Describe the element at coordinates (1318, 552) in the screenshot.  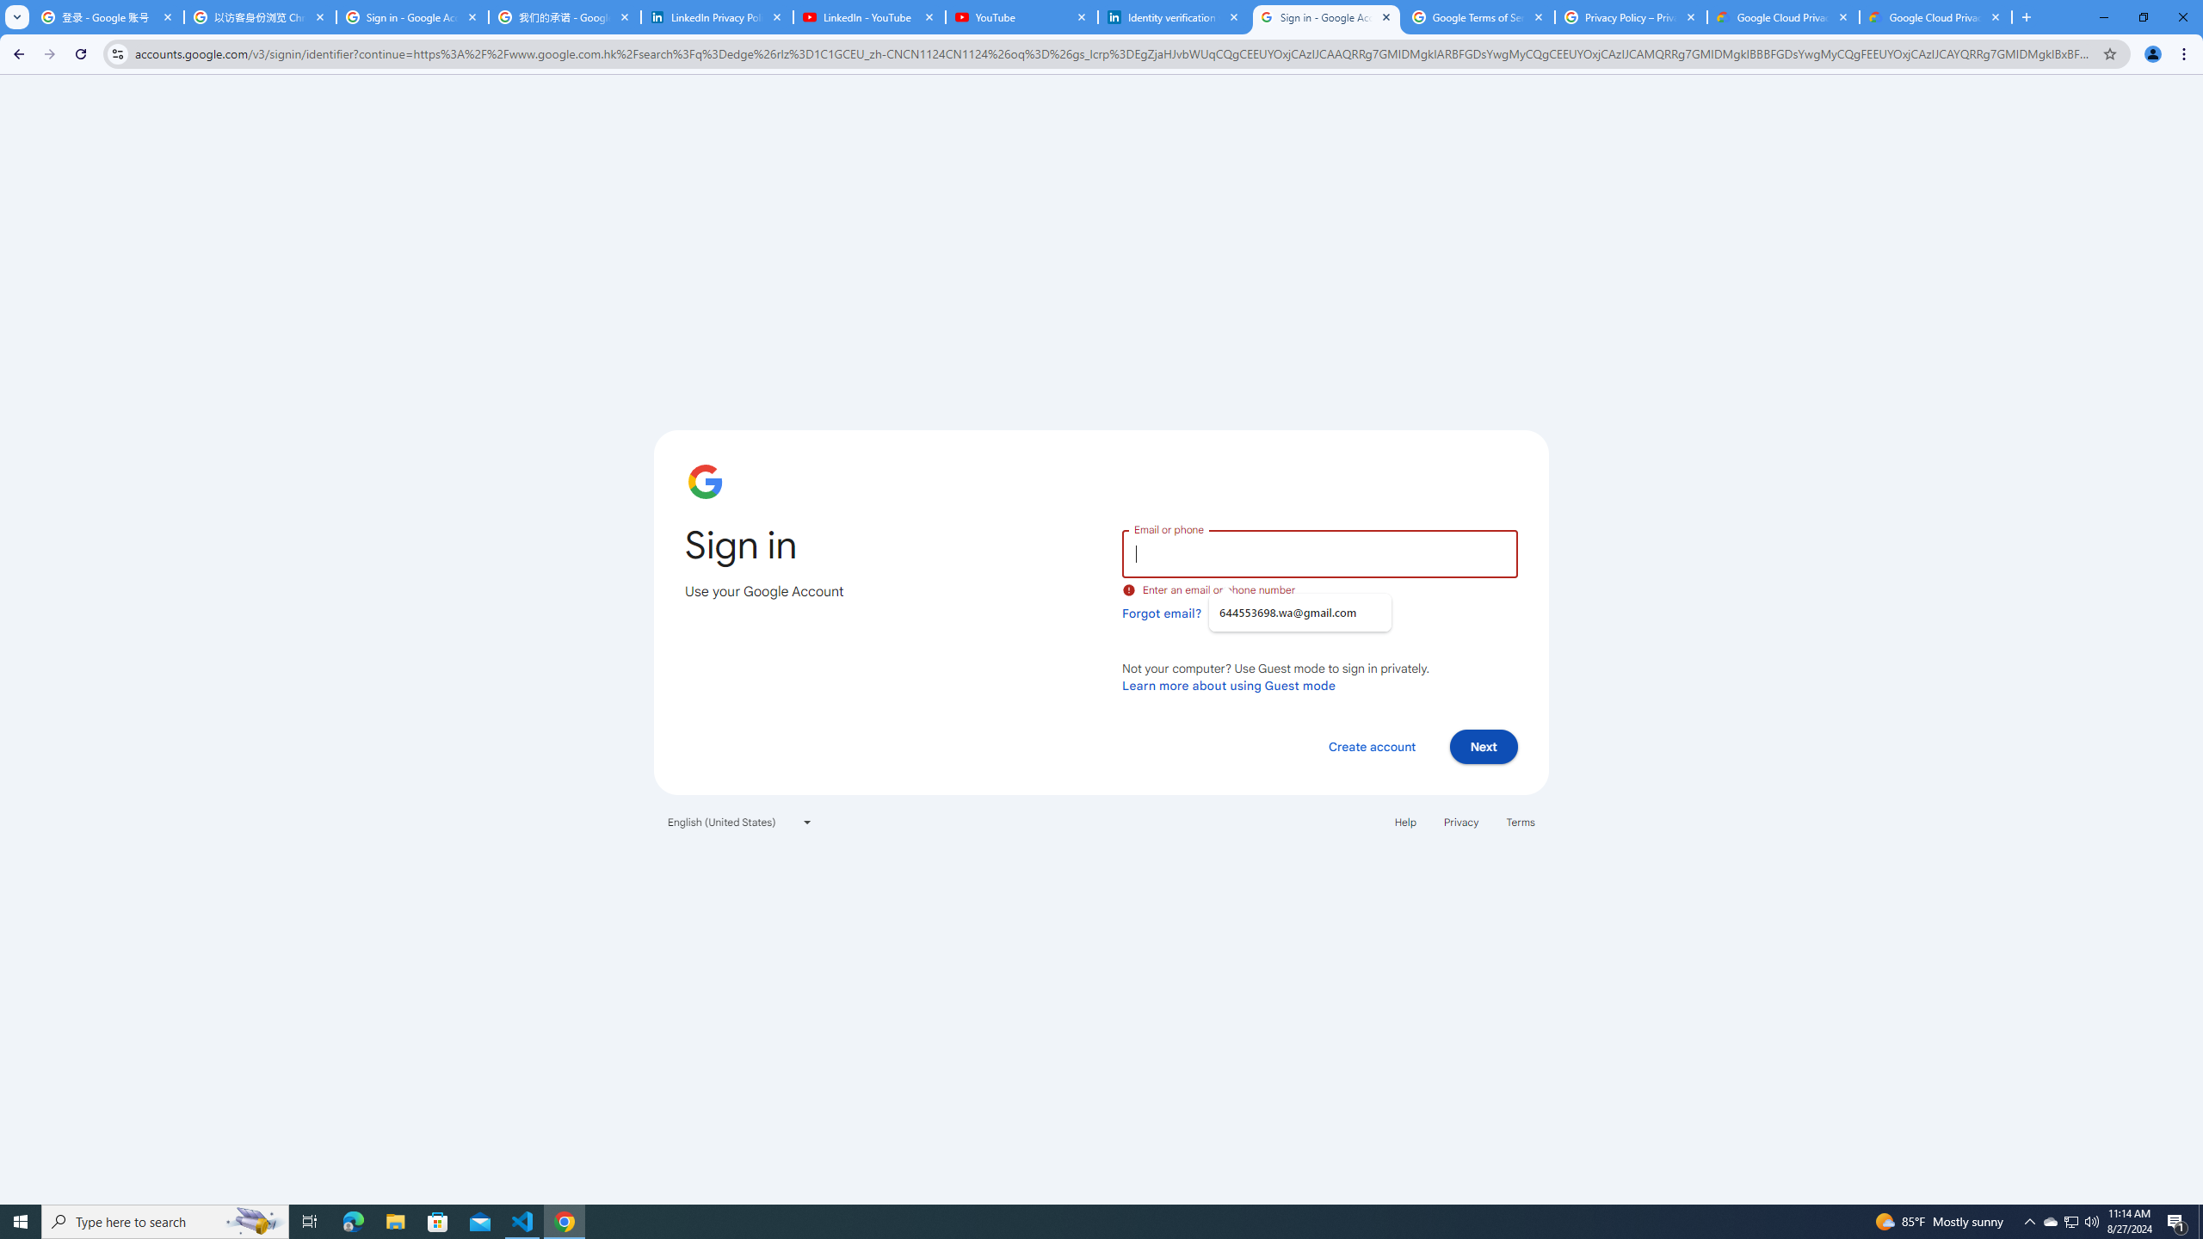
I see `'Email or phone'` at that location.